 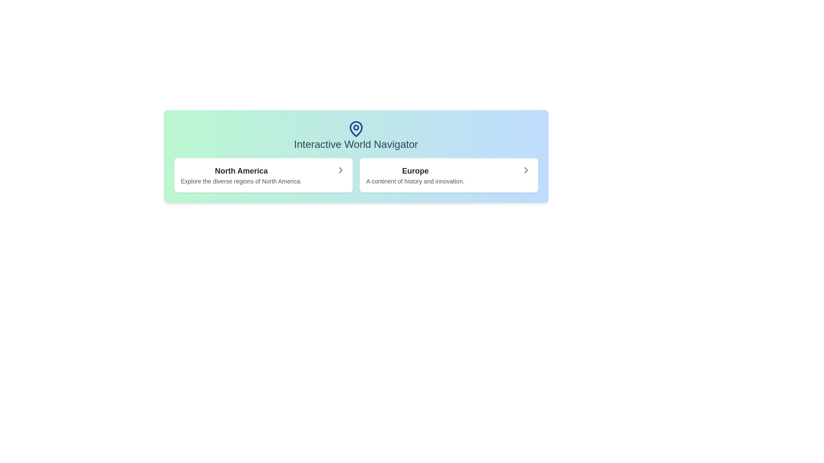 I want to click on the pin-shaped icon with a blue outline located above the text 'Interactive World Navigator', so click(x=356, y=129).